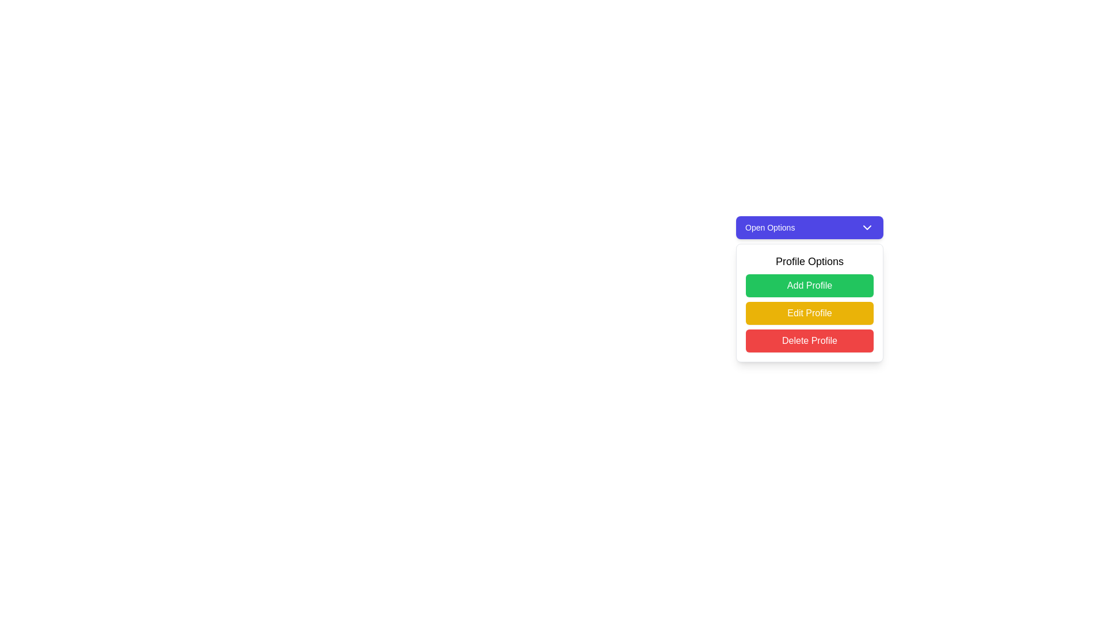 Image resolution: width=1105 pixels, height=621 pixels. Describe the element at coordinates (809, 302) in the screenshot. I see `the group of buttons related to profile management, which includes options for adding, editing, or deleting user profiles, using keyboard focus` at that location.